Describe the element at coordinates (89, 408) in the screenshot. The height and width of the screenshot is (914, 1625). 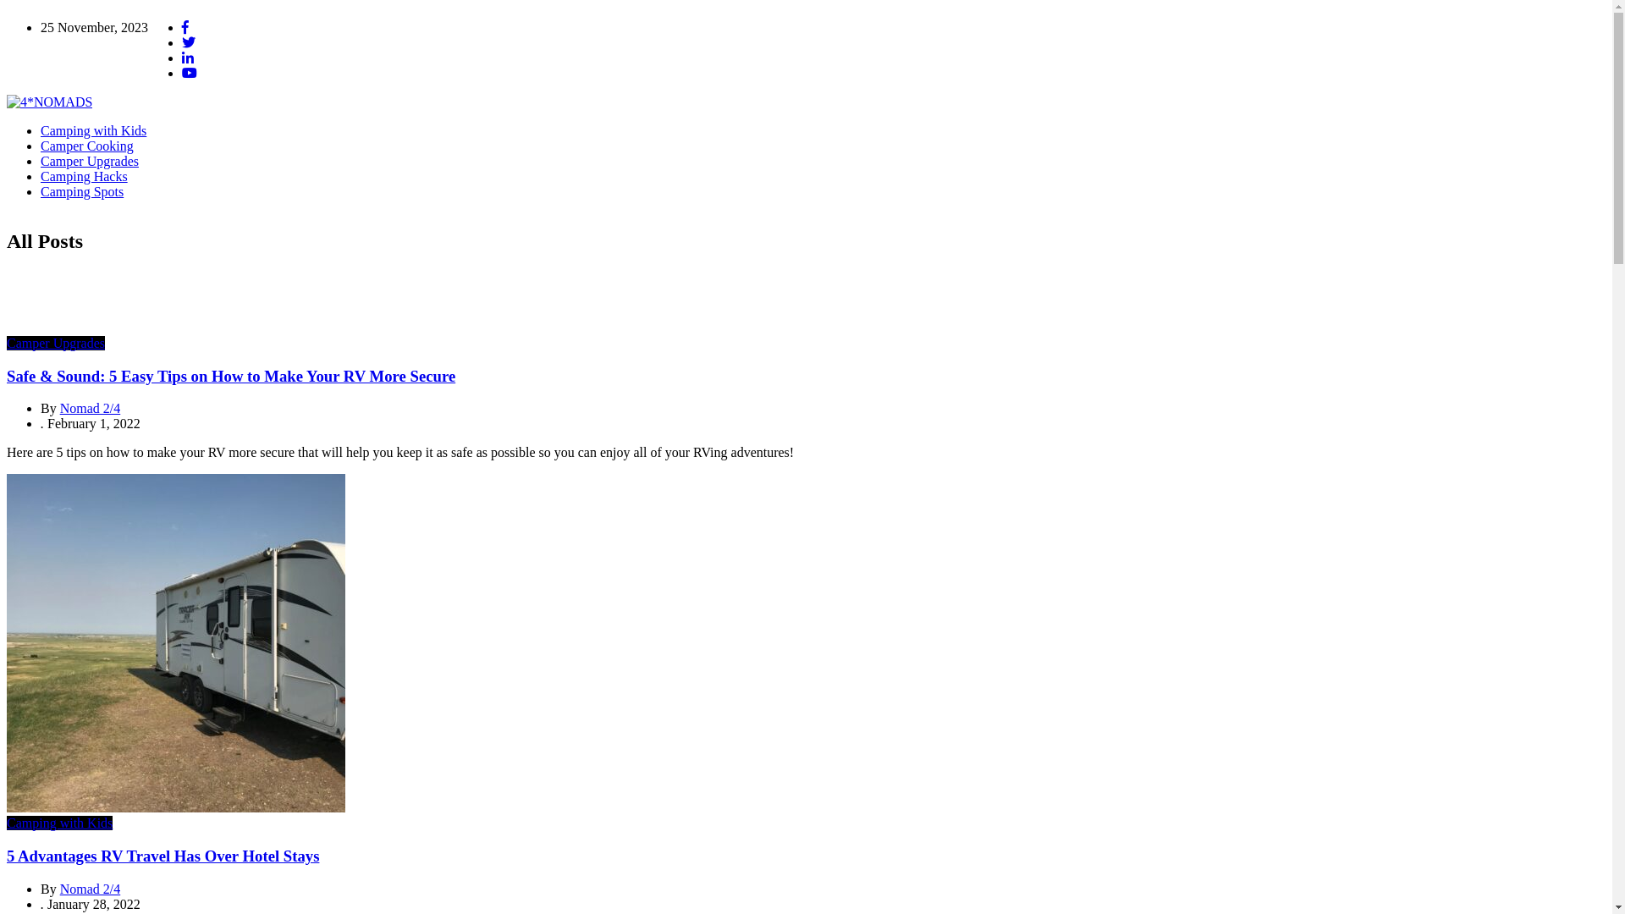
I see `'Nomad 2/4'` at that location.